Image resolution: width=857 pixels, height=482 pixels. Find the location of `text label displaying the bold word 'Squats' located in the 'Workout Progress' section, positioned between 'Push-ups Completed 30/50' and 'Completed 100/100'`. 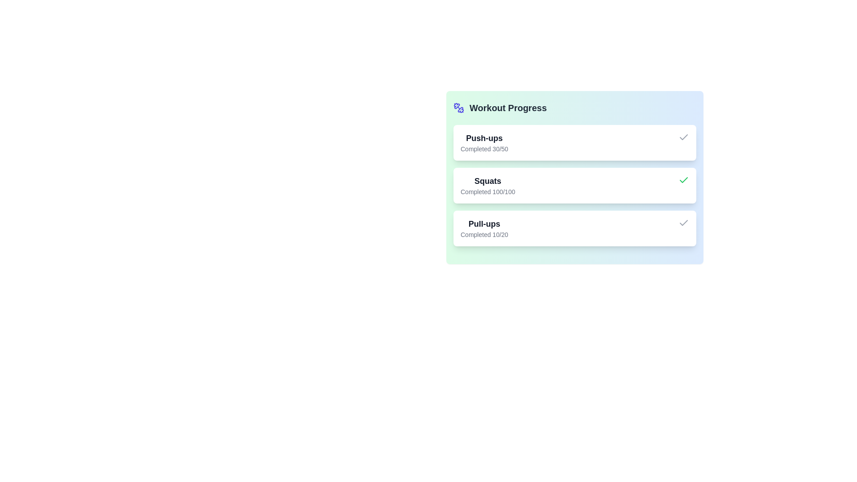

text label displaying the bold word 'Squats' located in the 'Workout Progress' section, positioned between 'Push-ups Completed 30/50' and 'Completed 100/100' is located at coordinates (487, 181).